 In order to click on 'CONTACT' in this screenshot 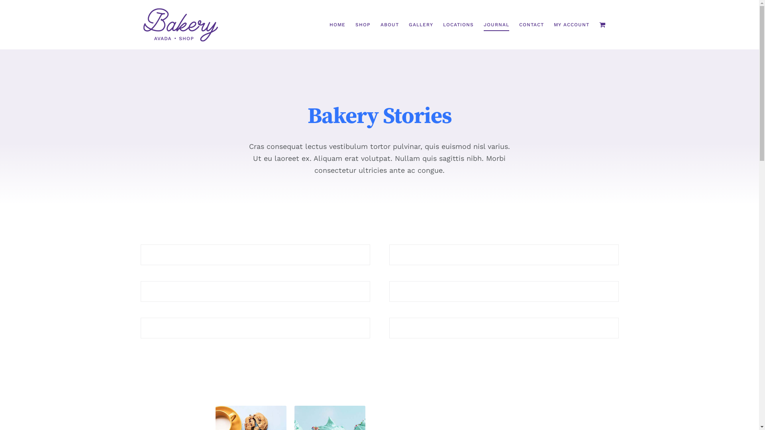, I will do `click(531, 24)`.